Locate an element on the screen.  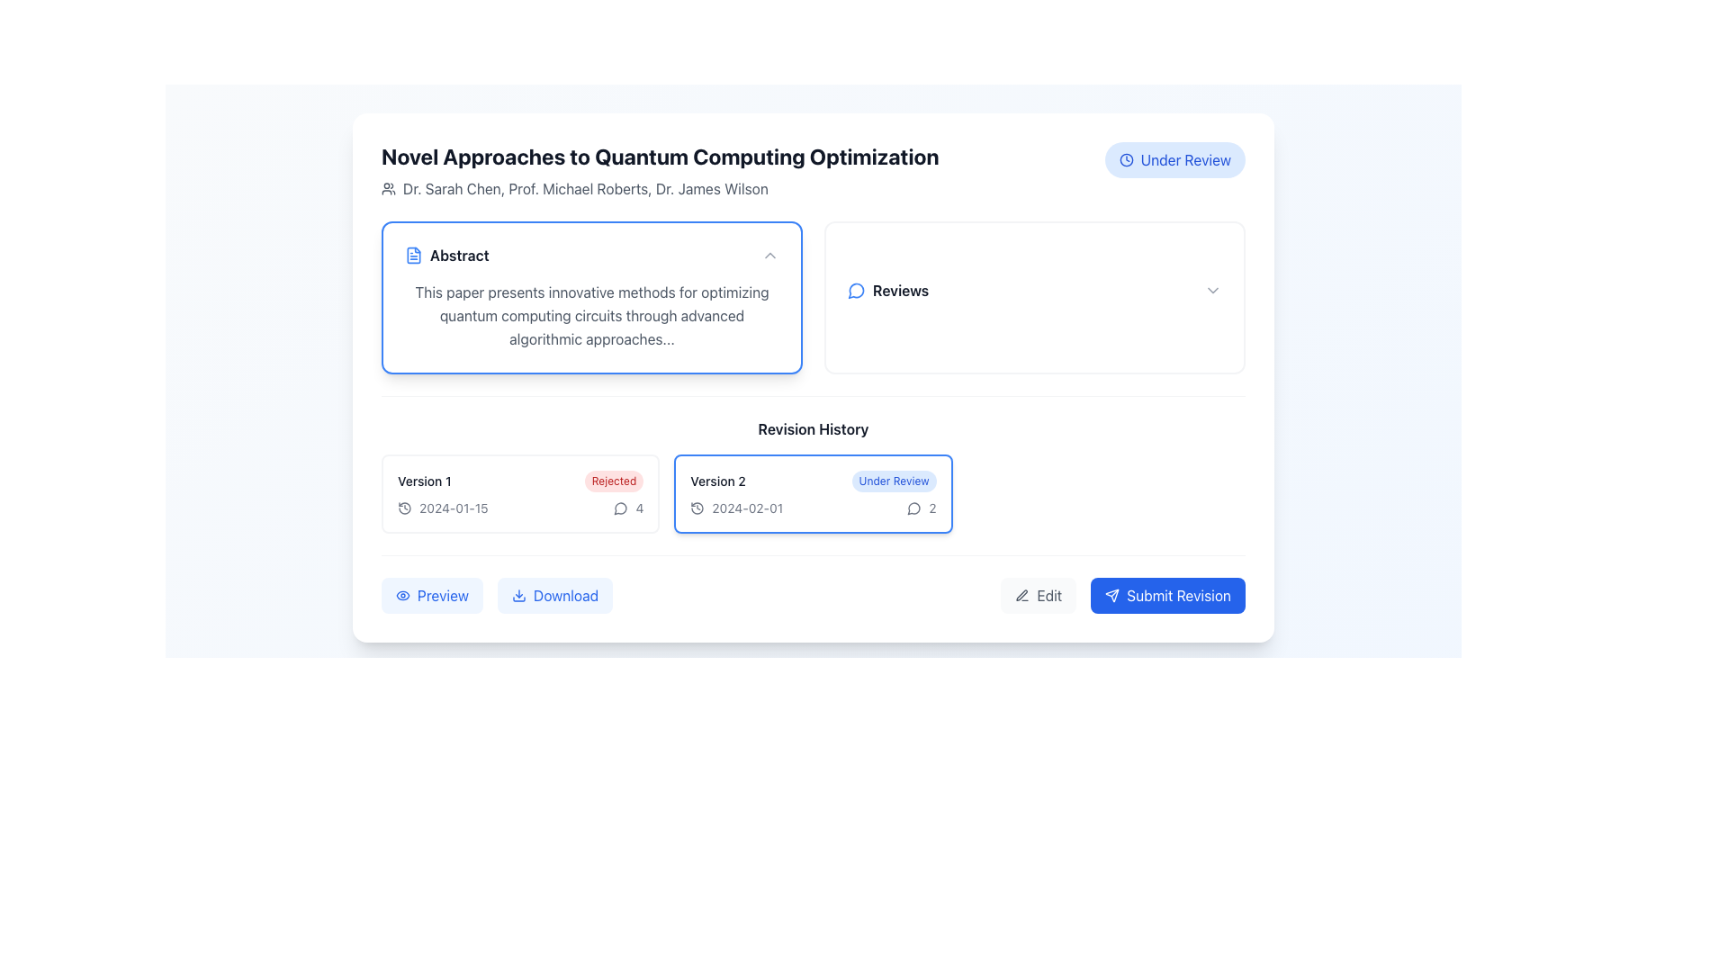
the eye icon in the upper-right section of the user interface is located at coordinates (401, 596).